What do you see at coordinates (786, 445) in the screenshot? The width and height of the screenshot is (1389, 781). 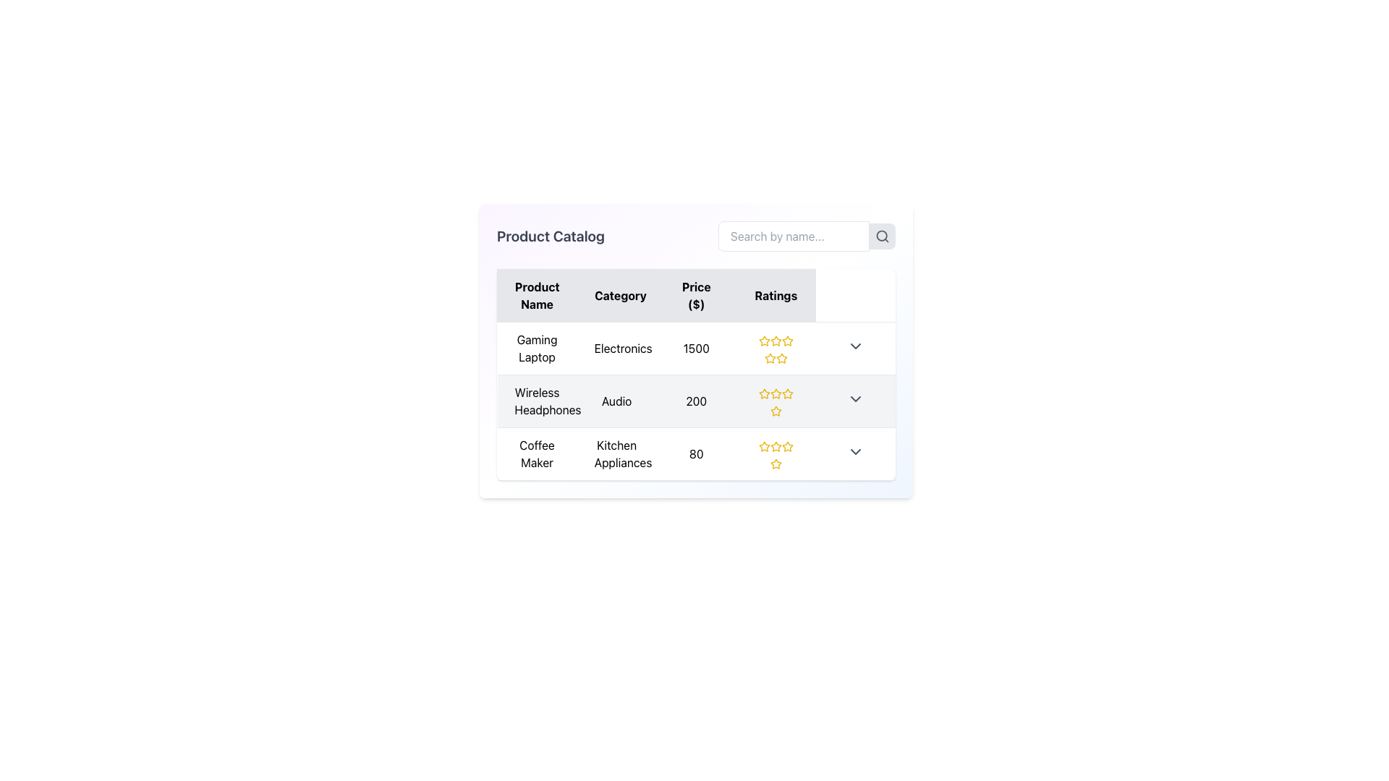 I see `the fifth star icon in the ratings column of the Coffee Maker product to set or view the rating` at bounding box center [786, 445].